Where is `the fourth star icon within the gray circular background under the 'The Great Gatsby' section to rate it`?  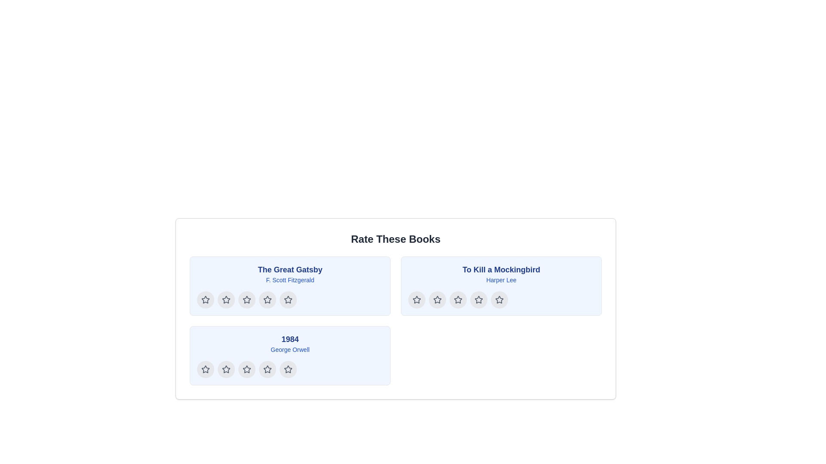
the fourth star icon within the gray circular background under the 'The Great Gatsby' section to rate it is located at coordinates (288, 299).